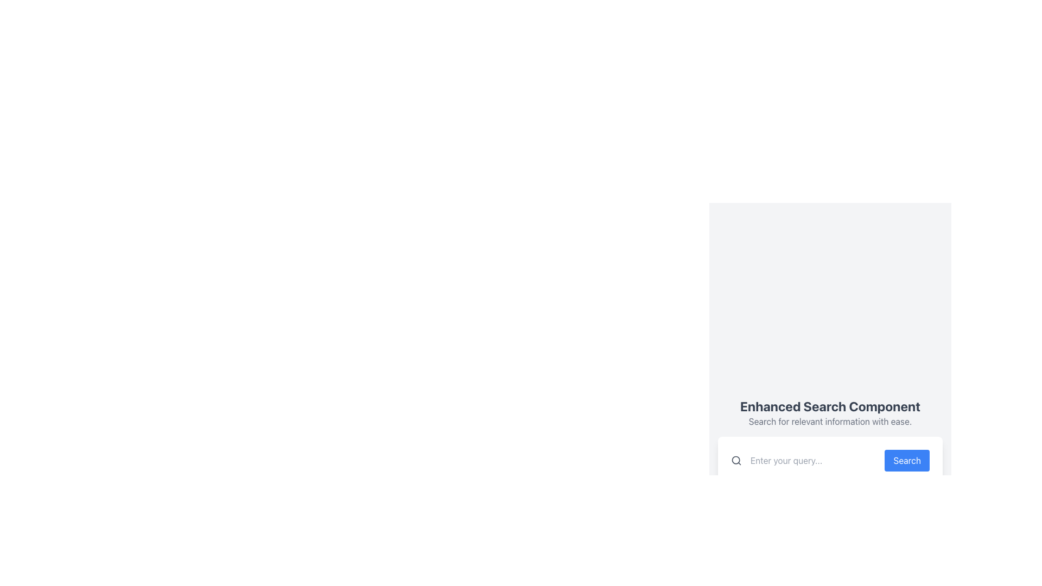 The width and height of the screenshot is (1042, 586). I want to click on the title text introducing the Enhanced Search Component feature, located above the lighter gray subtitle, so click(830, 406).